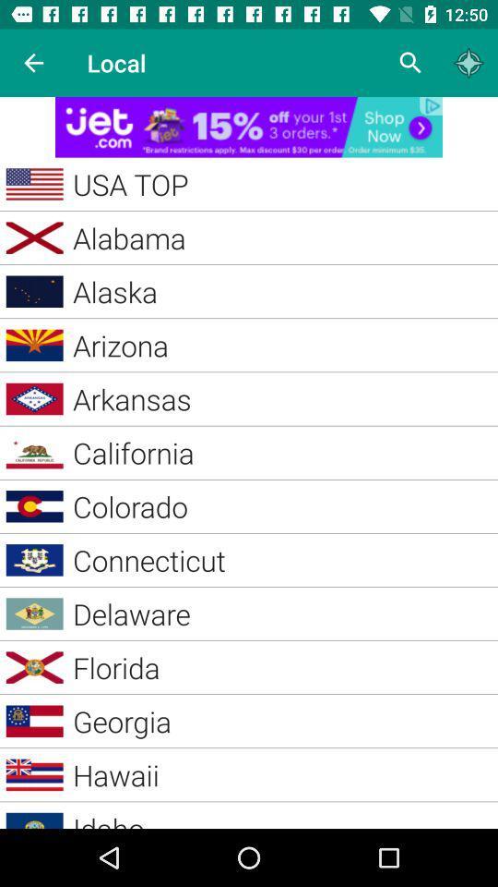  I want to click on search, so click(410, 63).